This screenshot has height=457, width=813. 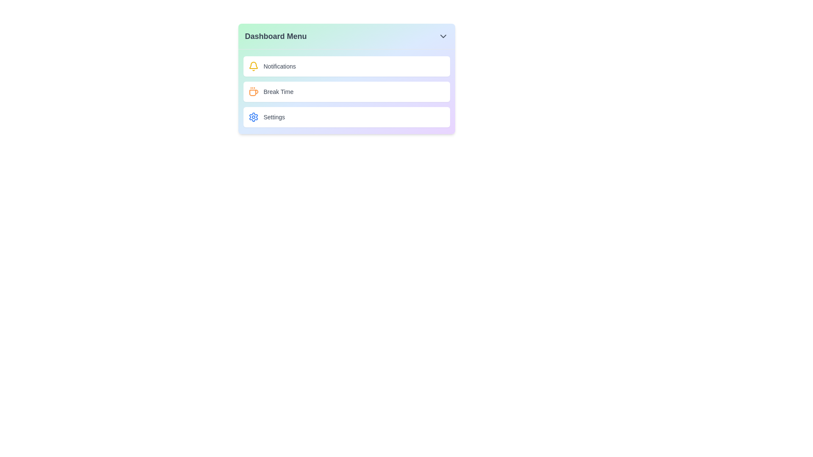 What do you see at coordinates (346, 91) in the screenshot?
I see `the 'Break Time' menu item located in the 'Dashboard Menu', which is the second item in the list of options` at bounding box center [346, 91].